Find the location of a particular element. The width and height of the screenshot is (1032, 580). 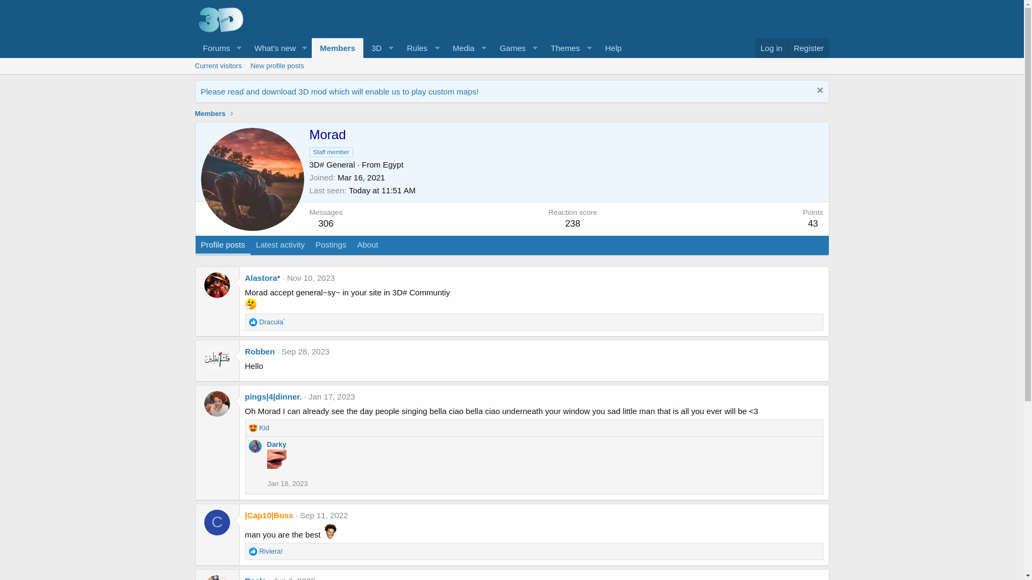

'Forums' is located at coordinates (194, 47).